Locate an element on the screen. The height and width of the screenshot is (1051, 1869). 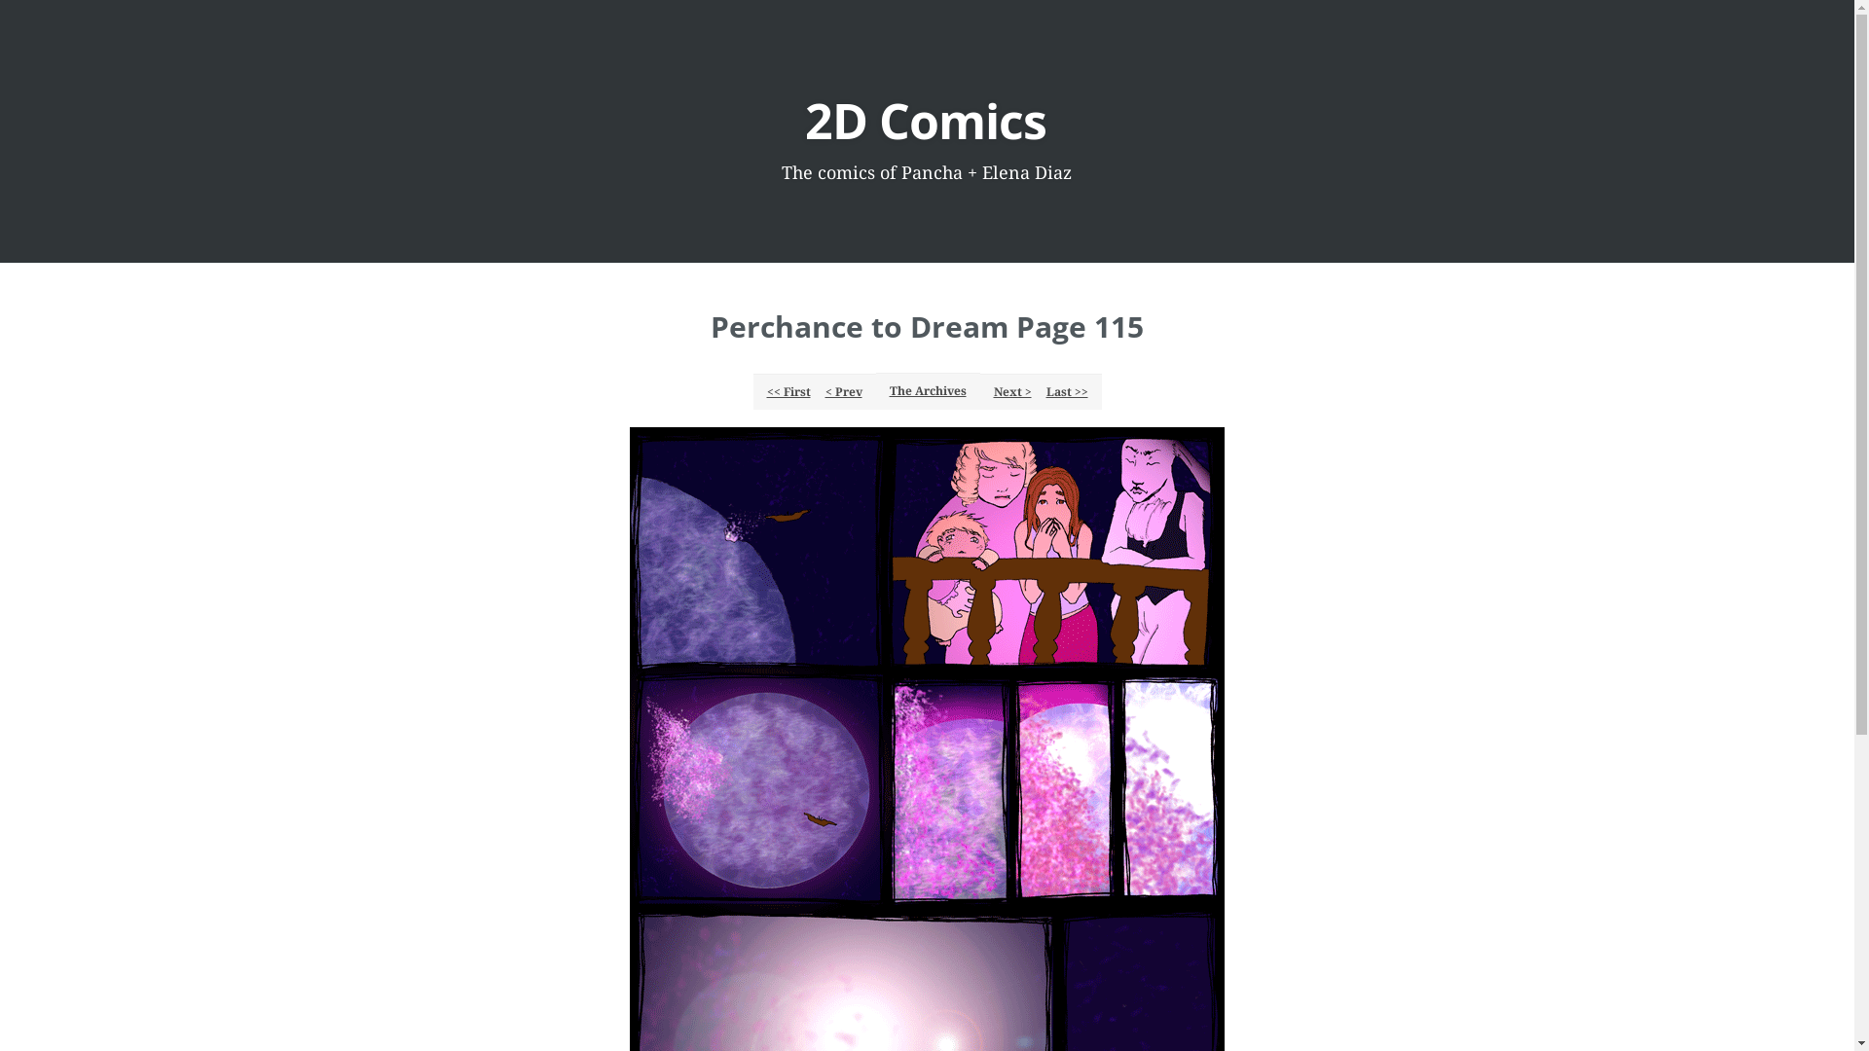
'Last >>' is located at coordinates (1039, 390).